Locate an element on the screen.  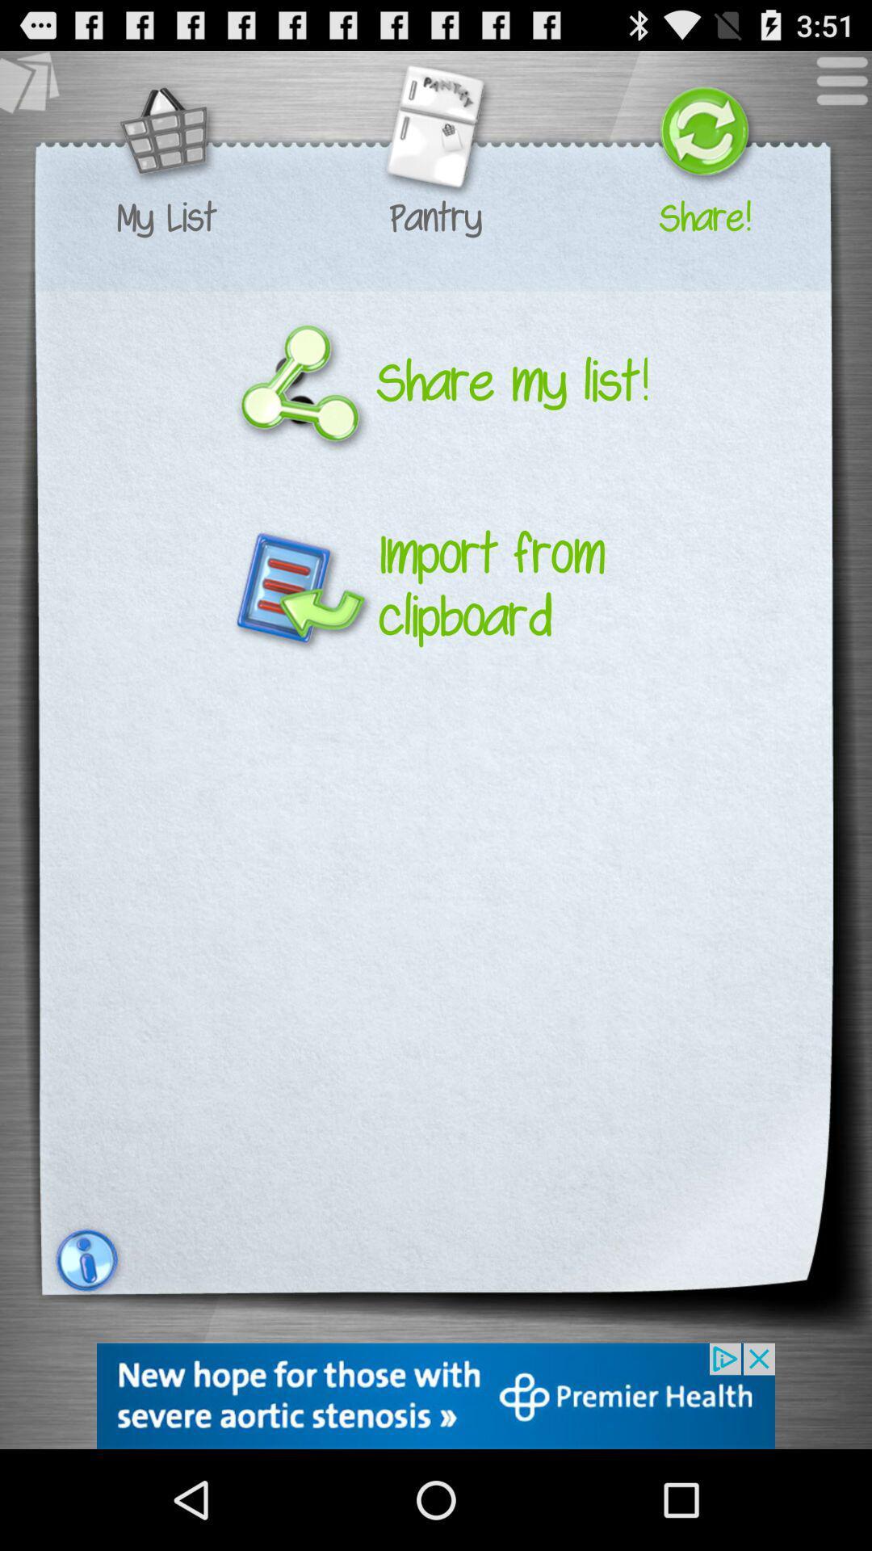
the menu icon is located at coordinates (833, 95).